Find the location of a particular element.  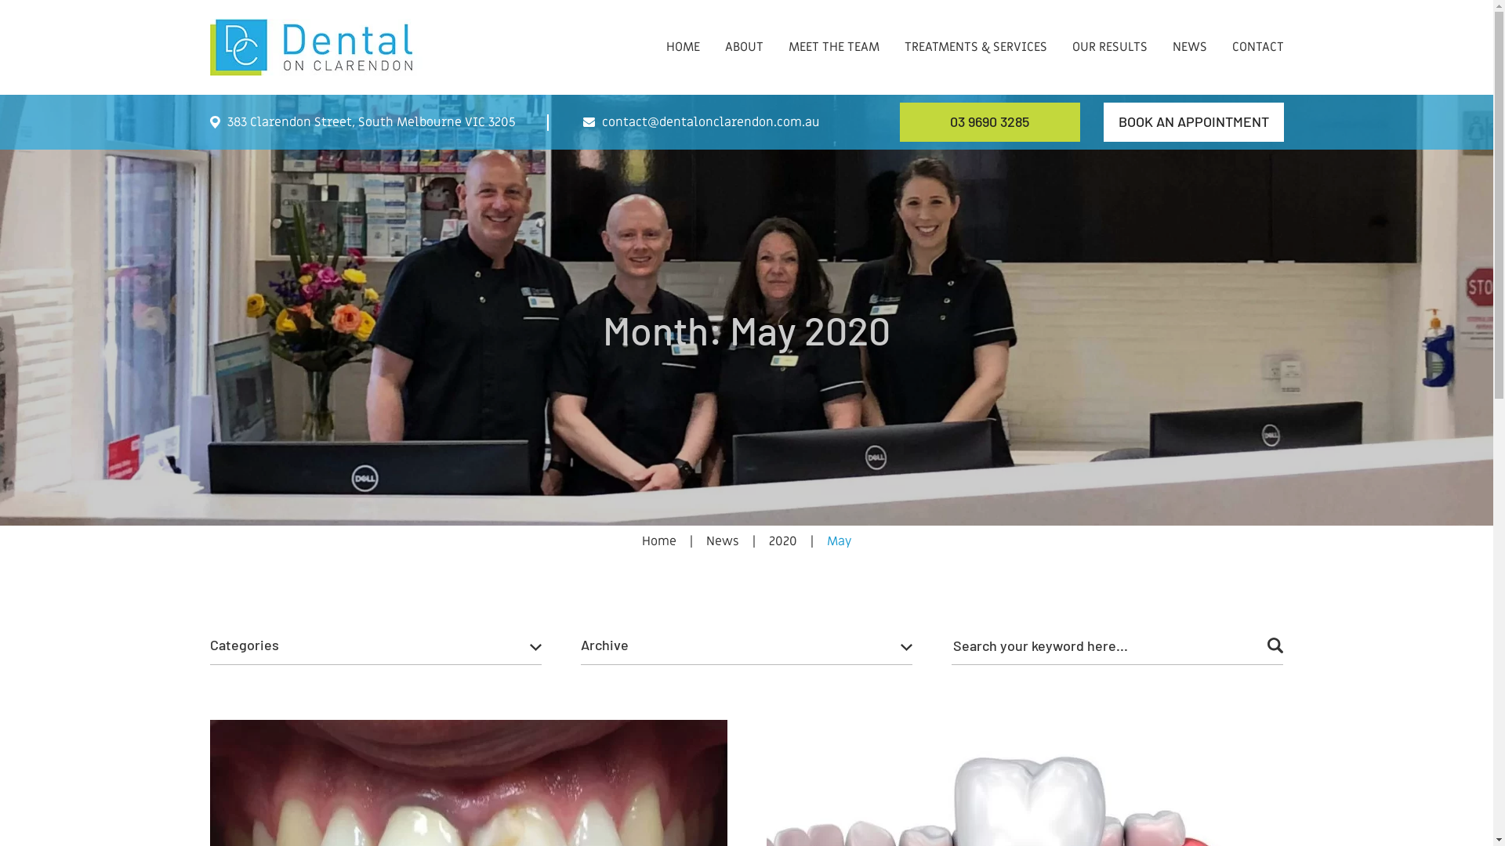

'2020' is located at coordinates (782, 540).